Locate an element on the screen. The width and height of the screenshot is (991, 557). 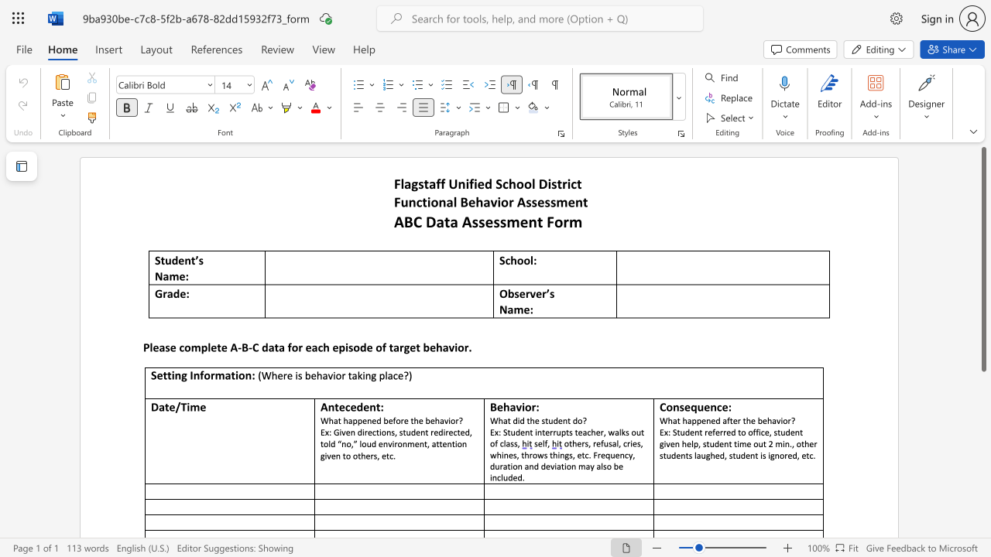
the 2th character "A" in the text is located at coordinates (466, 221).